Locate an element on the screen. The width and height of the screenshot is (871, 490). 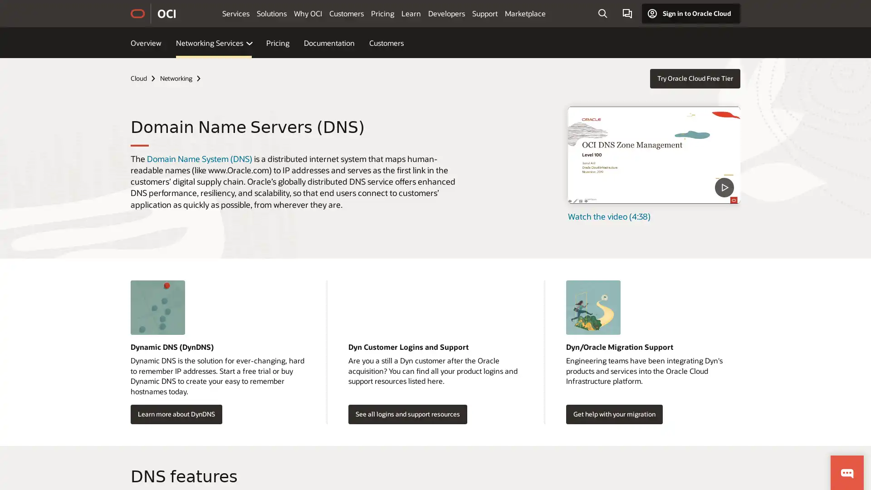
Learn is located at coordinates (411, 13).